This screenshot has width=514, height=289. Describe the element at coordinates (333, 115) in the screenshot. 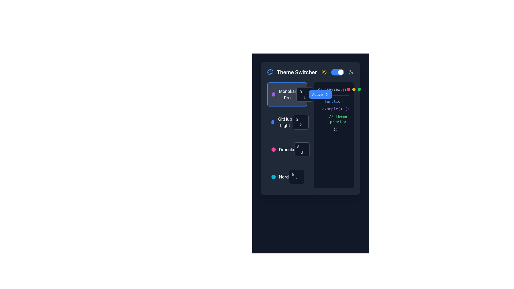

I see `the code snippet display area in the preview.js editor, which displays syntax-highlighted text against a dark background` at that location.